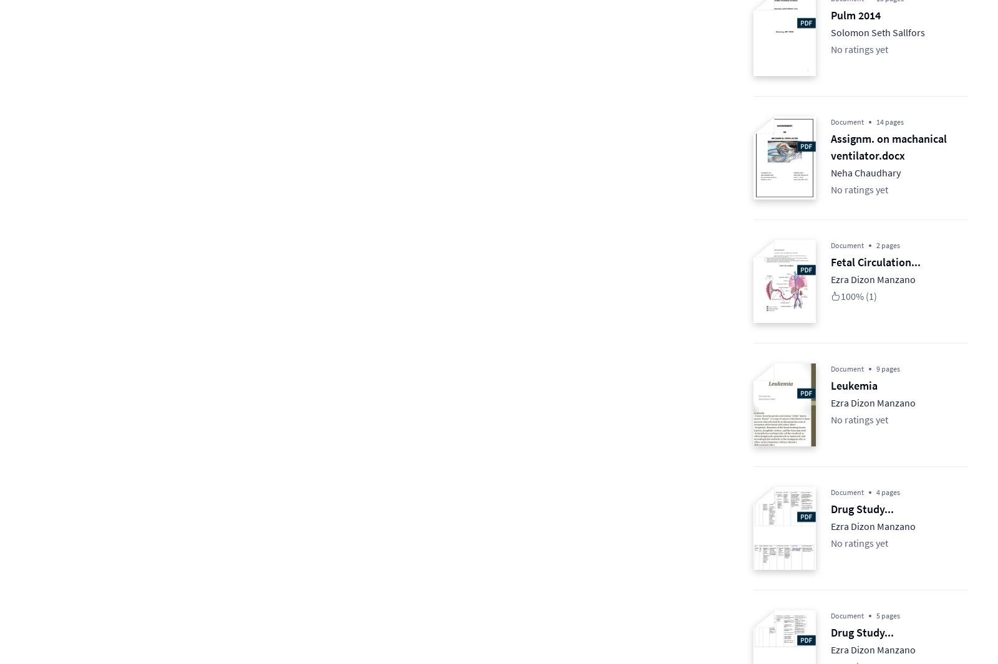  I want to click on 'Neha Chaudhary', so click(865, 172).